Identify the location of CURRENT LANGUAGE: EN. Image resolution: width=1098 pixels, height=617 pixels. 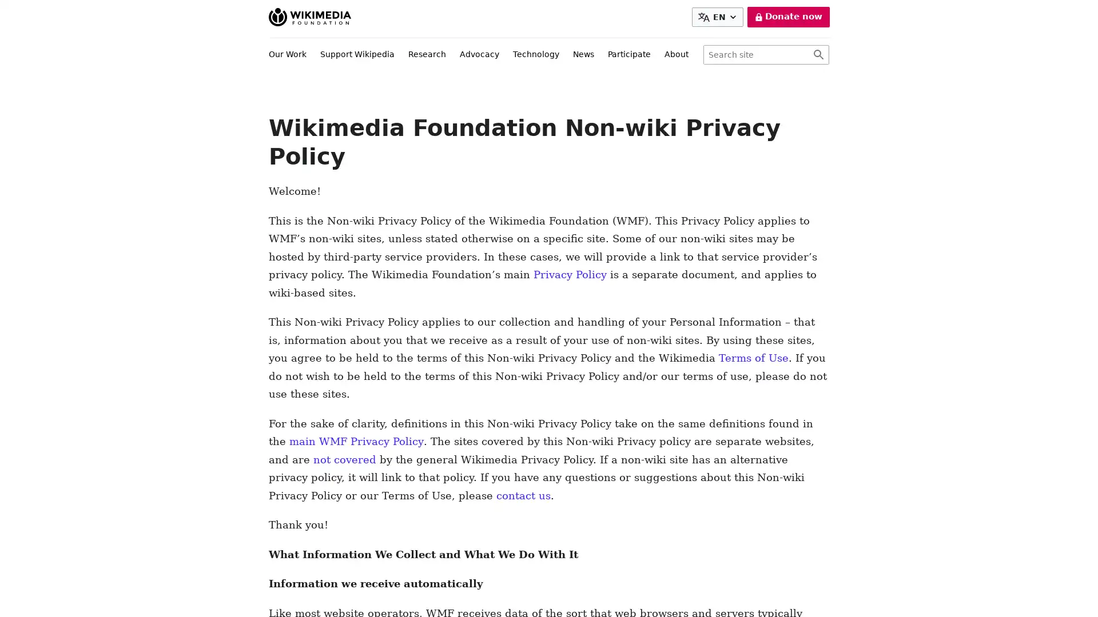
(719, 17).